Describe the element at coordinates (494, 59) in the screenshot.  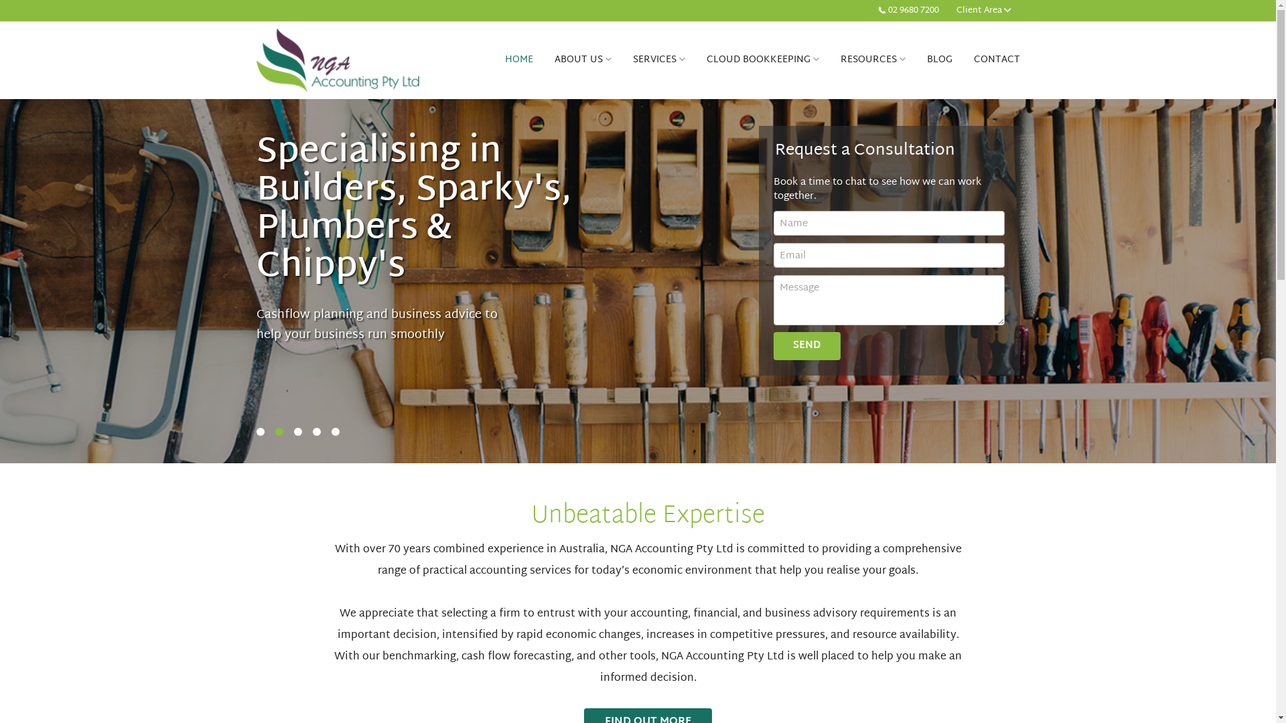
I see `'HOME'` at that location.